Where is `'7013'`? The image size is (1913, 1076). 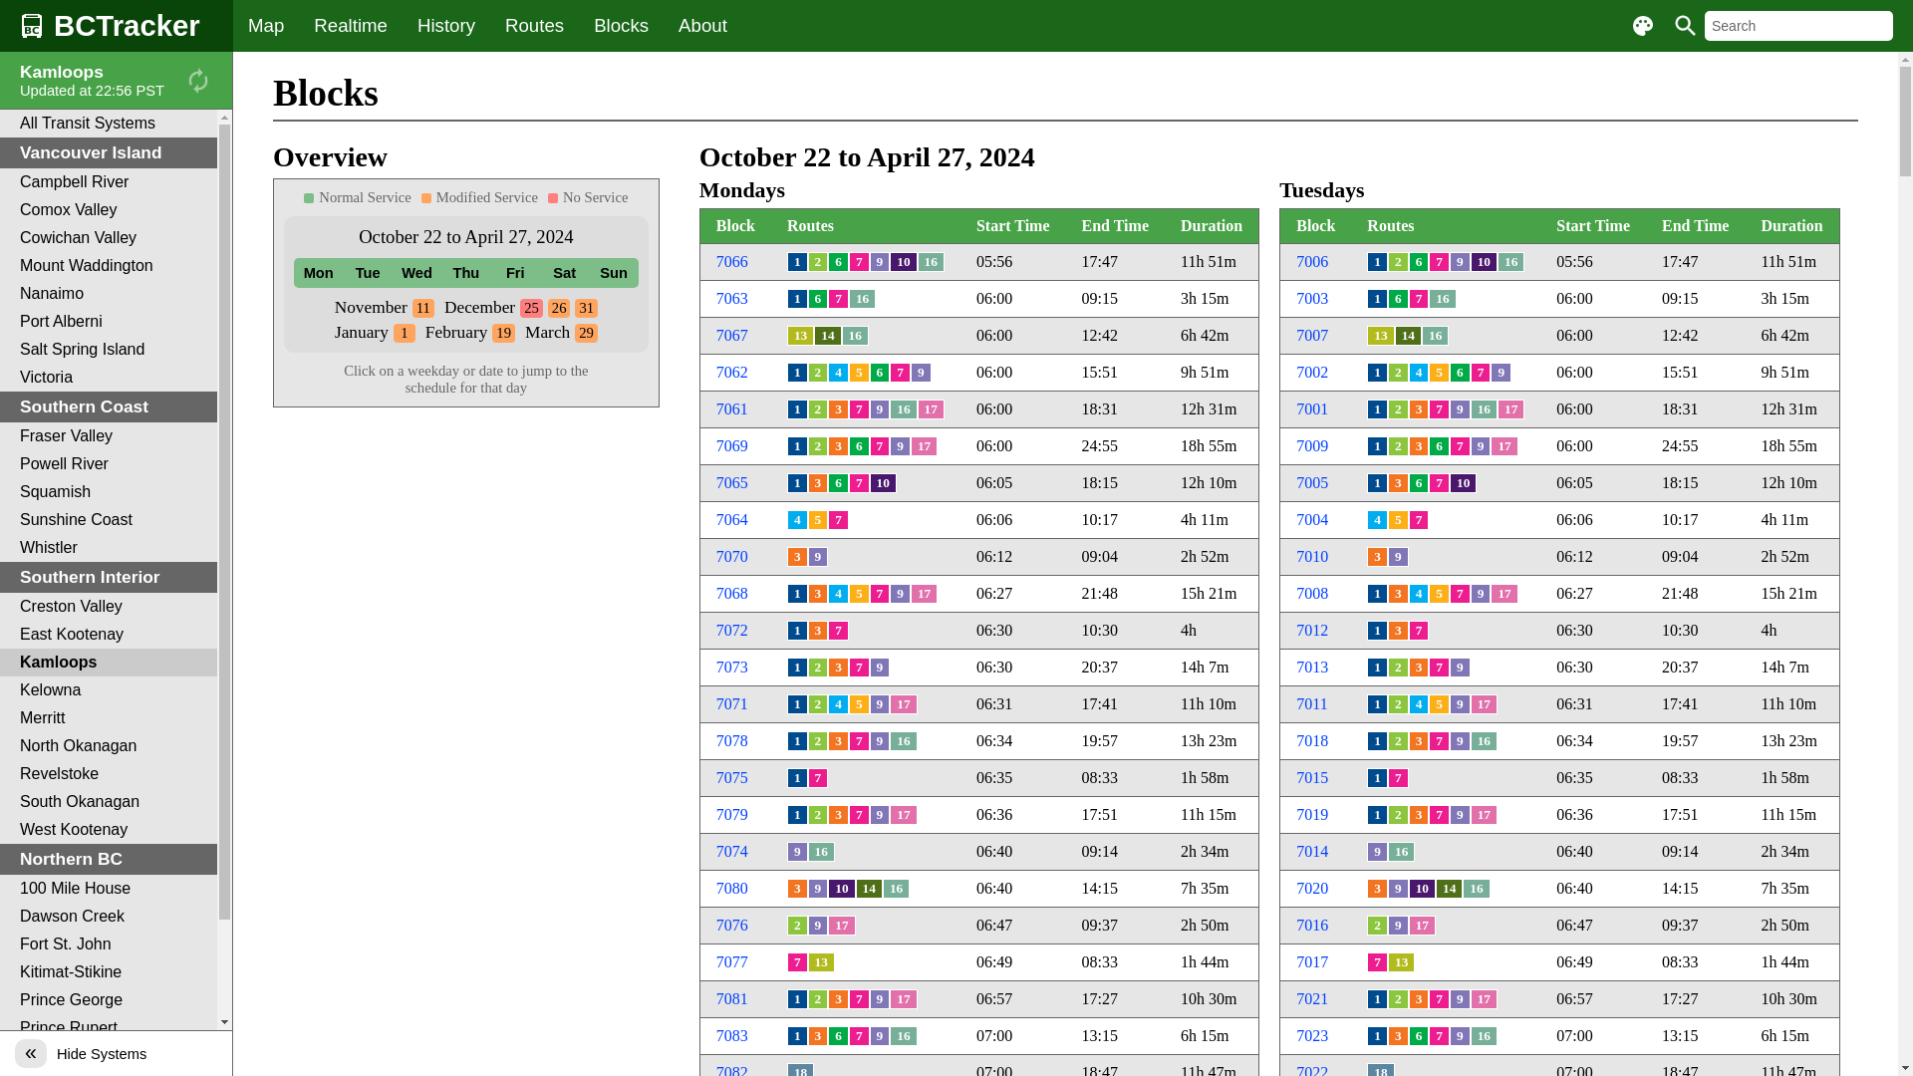 '7013' is located at coordinates (1295, 667).